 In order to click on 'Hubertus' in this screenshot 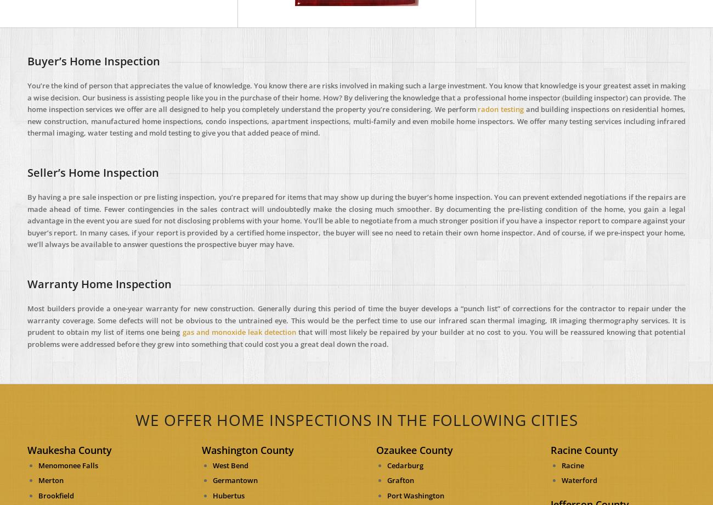, I will do `click(229, 494)`.